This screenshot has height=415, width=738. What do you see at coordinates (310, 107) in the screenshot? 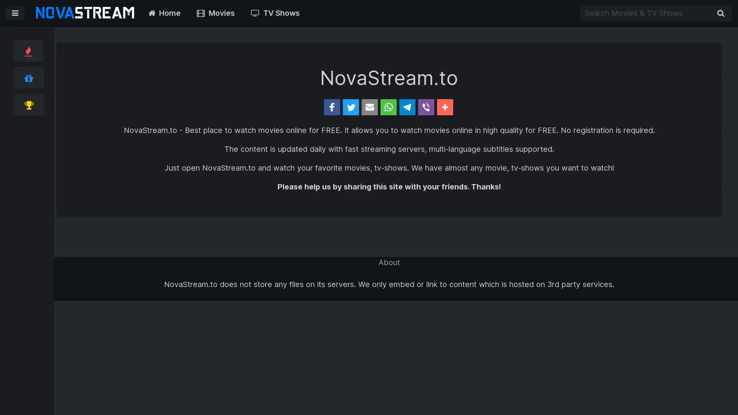
I see `Share to Twitter Twitter` at bounding box center [310, 107].